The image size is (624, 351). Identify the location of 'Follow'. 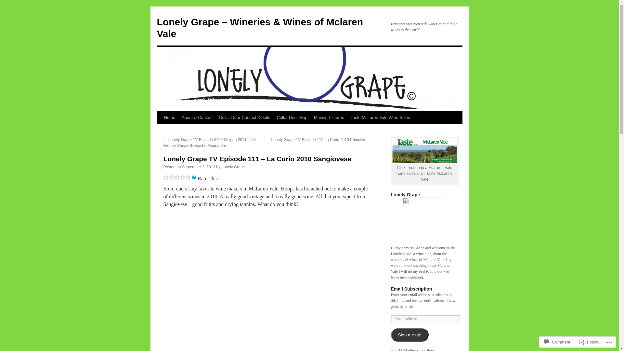
(589, 342).